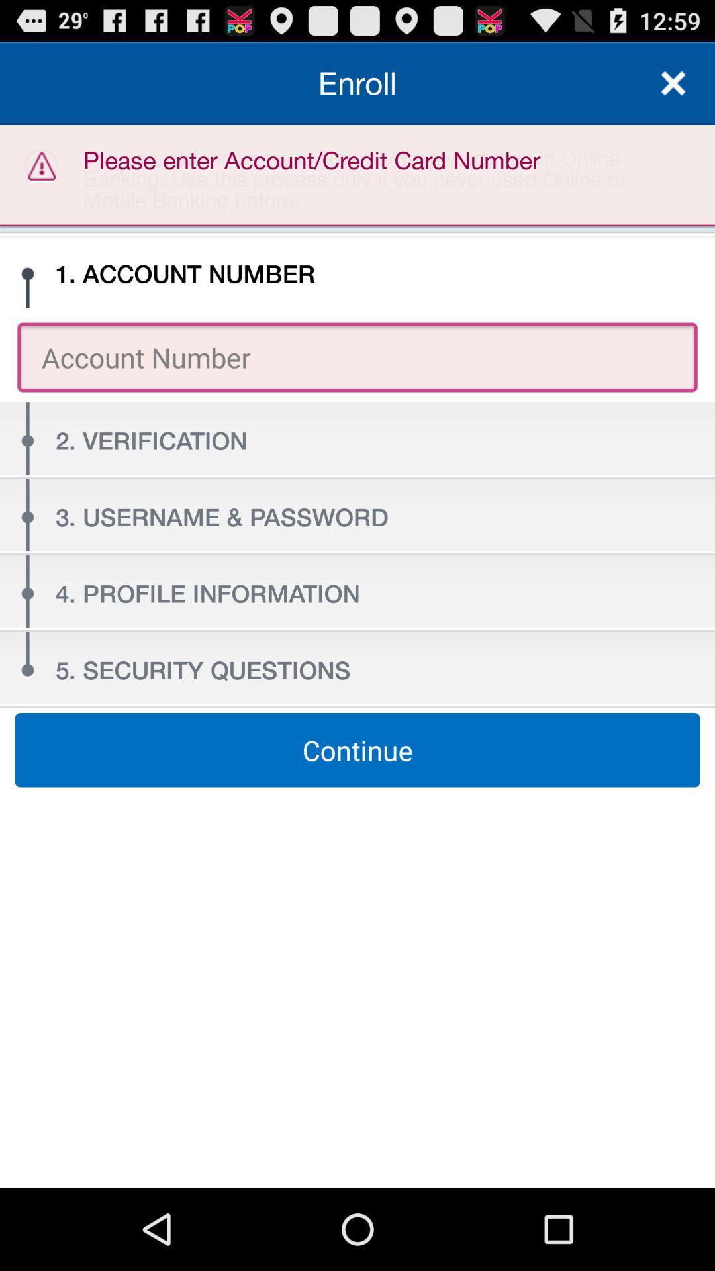  Describe the element at coordinates (673, 82) in the screenshot. I see `the icon at the top right corner` at that location.